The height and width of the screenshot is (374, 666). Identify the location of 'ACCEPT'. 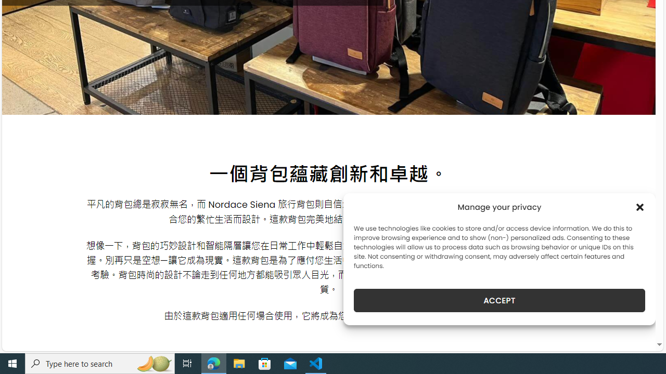
(499, 300).